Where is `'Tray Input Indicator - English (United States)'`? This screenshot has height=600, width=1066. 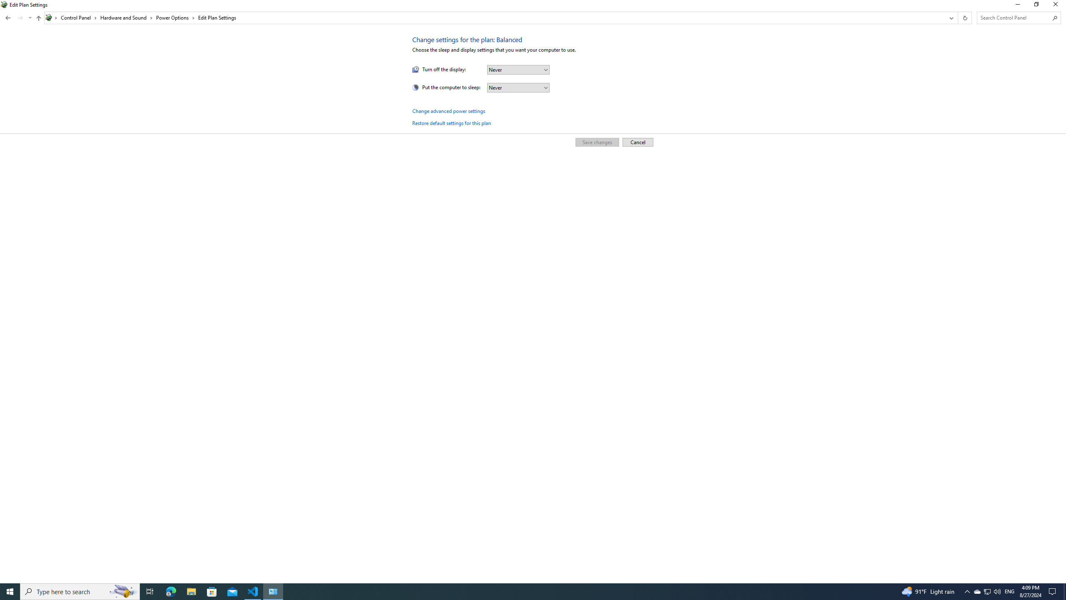
'Tray Input Indicator - English (United States)' is located at coordinates (1009, 591).